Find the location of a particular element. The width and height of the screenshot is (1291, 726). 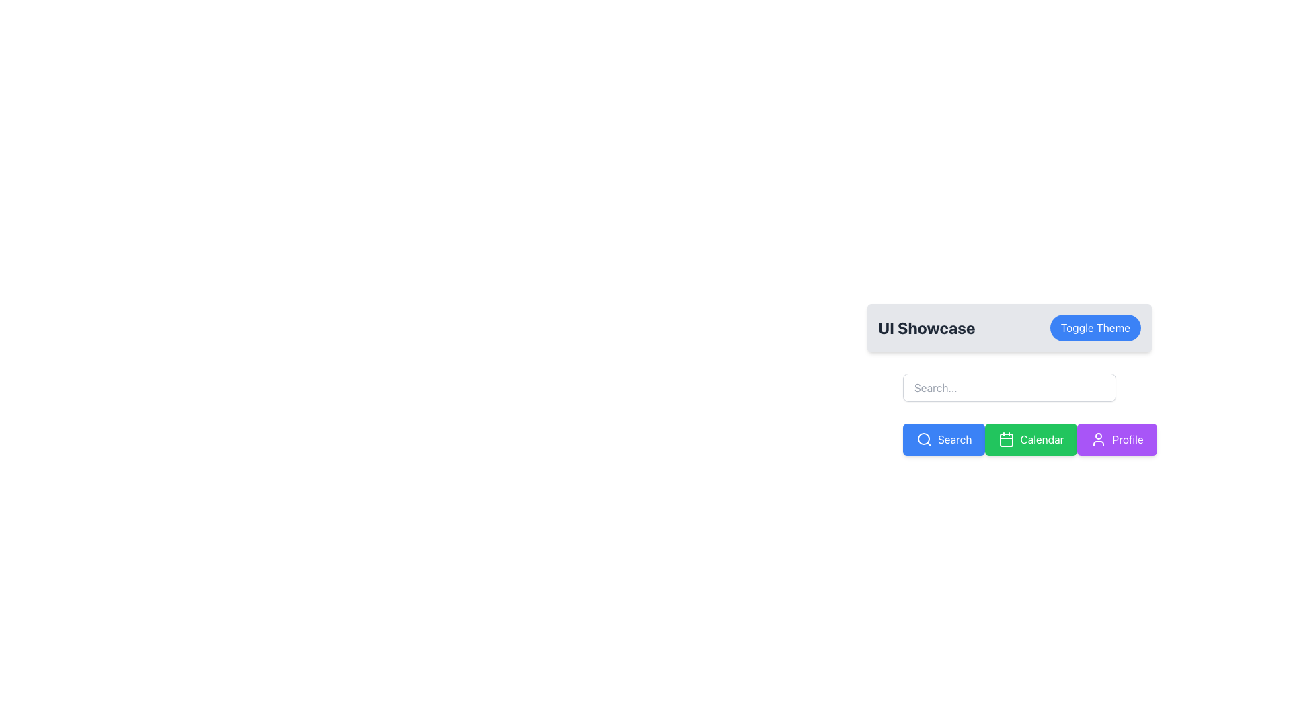

the user profile icon located within the 'Profile' button, which is the third button in a row of horizontally aligned buttons at the bottom-right side of the interface is located at coordinates (1098, 440).